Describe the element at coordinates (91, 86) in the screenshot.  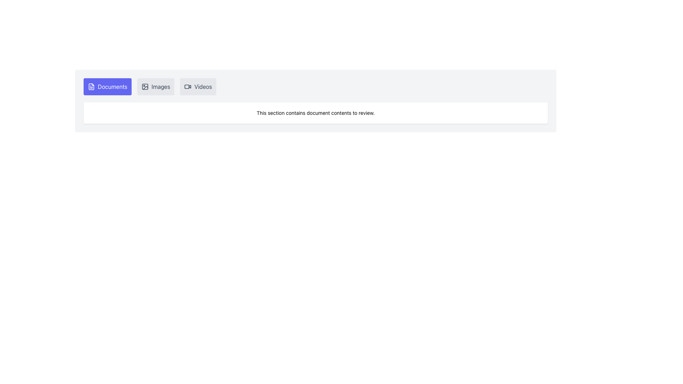
I see `the document icon represented by a small document-like symbol with lines, styled in white against a blue rounded rectangular background, located next to the 'Documents' label` at that location.